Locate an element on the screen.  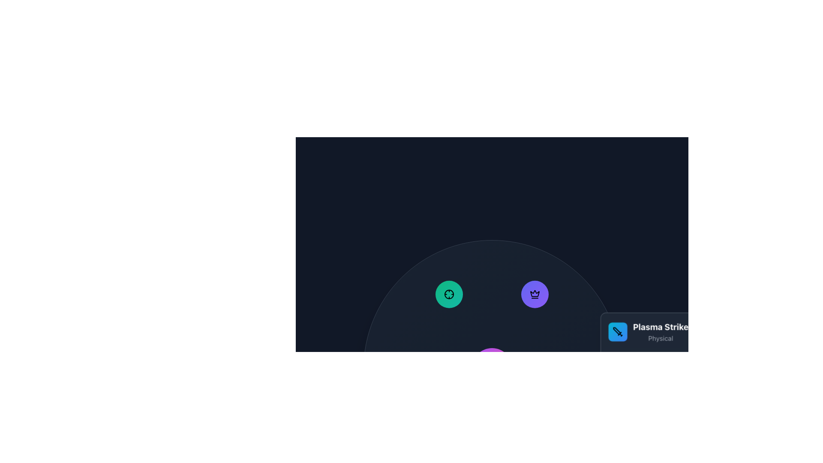
the circular green and teal button with a black crosshair icon at its center is located at coordinates (448, 294).